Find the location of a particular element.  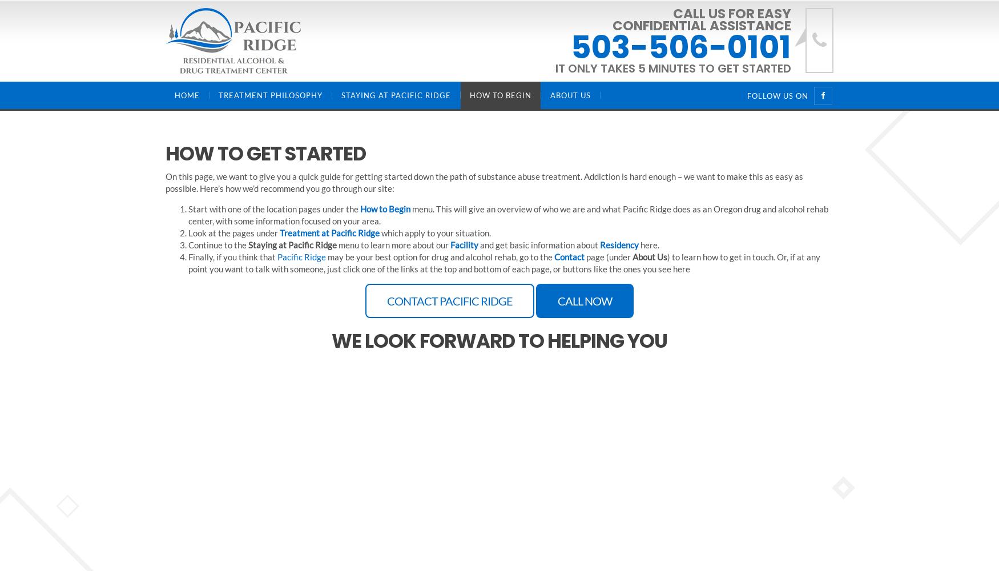

'Staying at Pacific Ridge' is located at coordinates (292, 245).